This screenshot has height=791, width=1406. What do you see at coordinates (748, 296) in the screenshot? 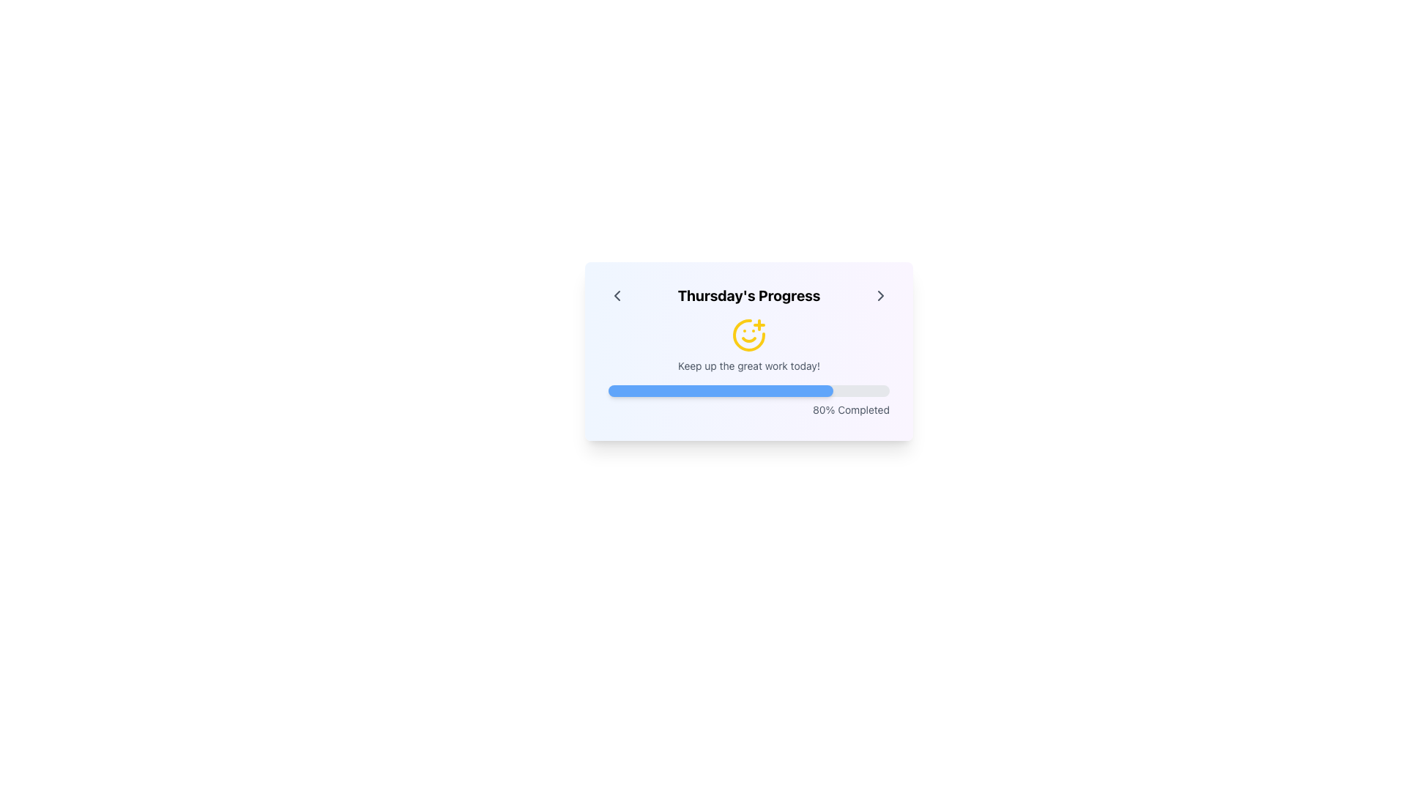
I see `the text element that serves as a descriptive title indicating 'Thursday's Progress', located centrally between two navigational arrows in the upper portion of the card interface` at bounding box center [748, 296].